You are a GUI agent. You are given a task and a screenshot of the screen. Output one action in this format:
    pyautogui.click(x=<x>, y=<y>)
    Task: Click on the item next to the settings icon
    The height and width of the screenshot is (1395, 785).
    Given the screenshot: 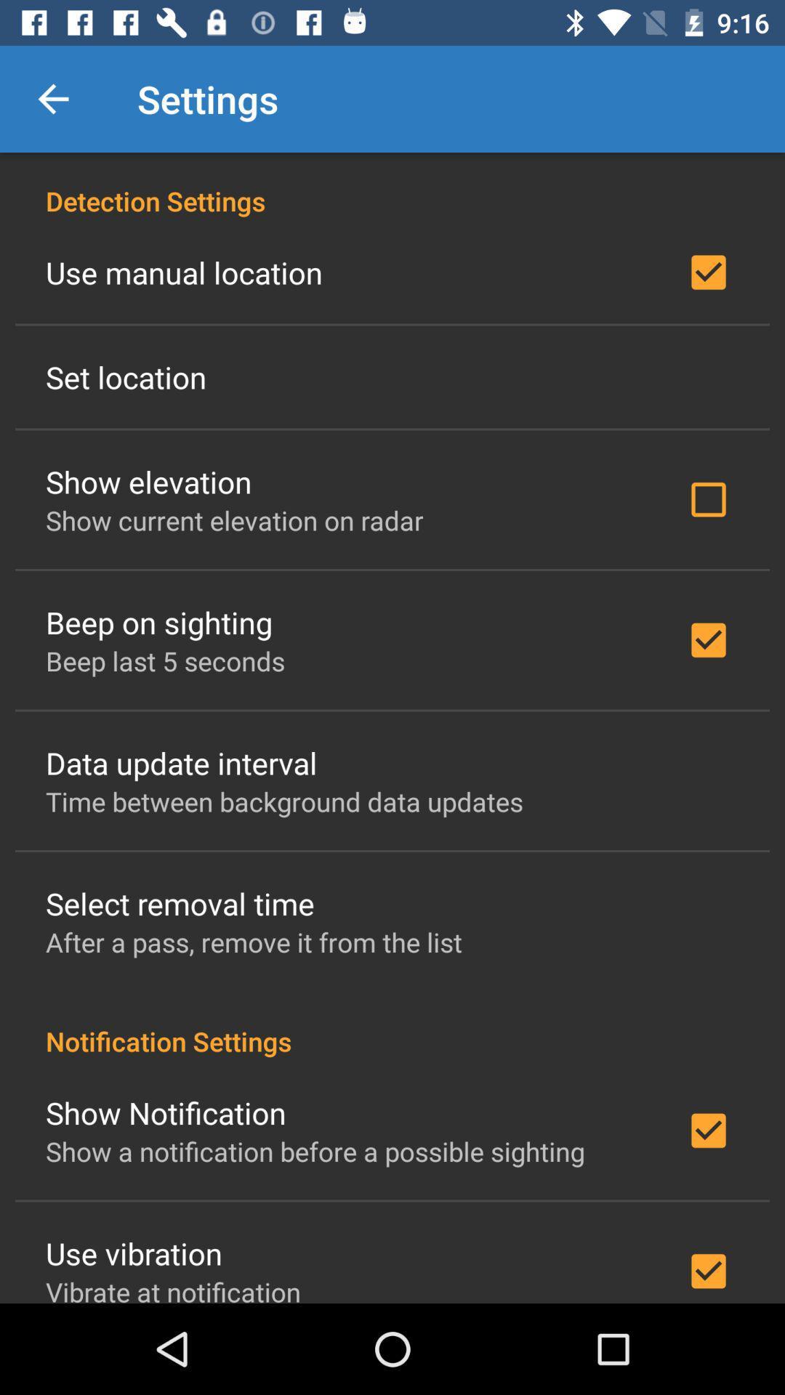 What is the action you would take?
    pyautogui.click(x=52, y=98)
    